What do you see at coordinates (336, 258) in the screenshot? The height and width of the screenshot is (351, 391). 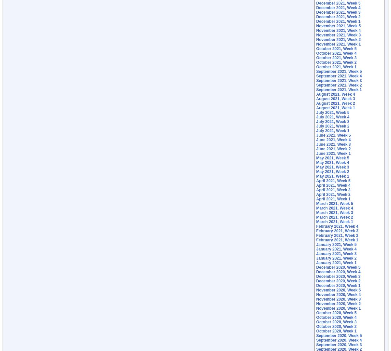 I see `'January 2021, Week 2'` at bounding box center [336, 258].